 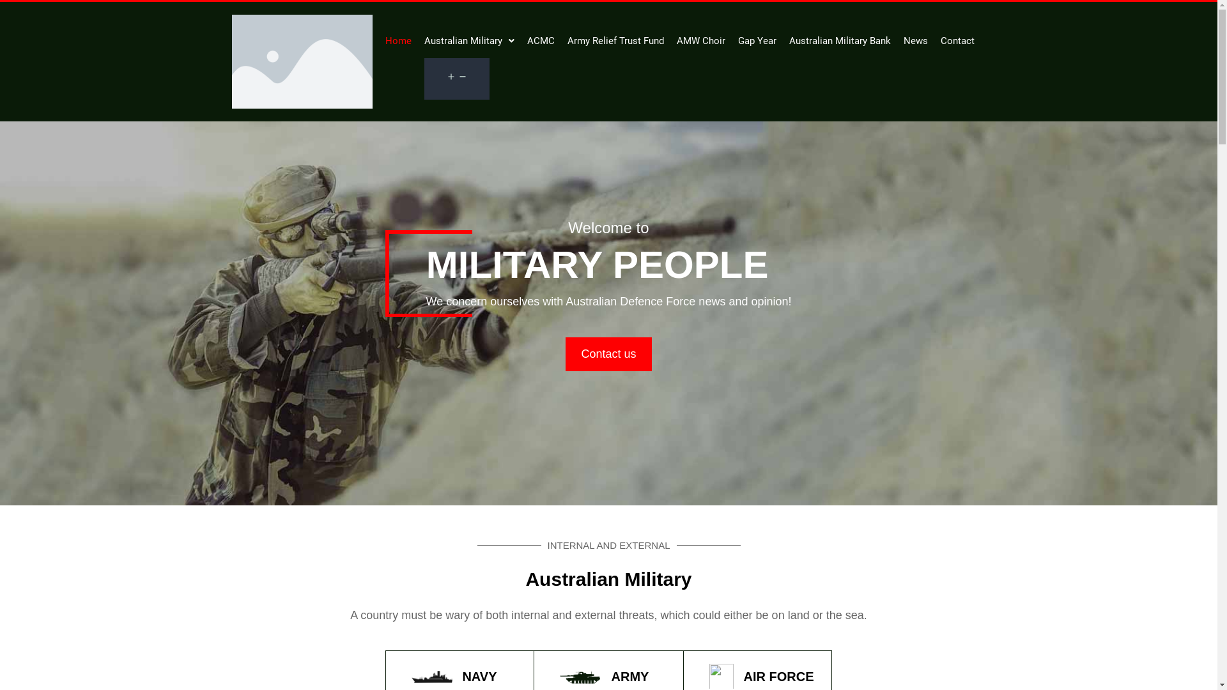 I want to click on 'Australian Military', so click(x=468, y=40).